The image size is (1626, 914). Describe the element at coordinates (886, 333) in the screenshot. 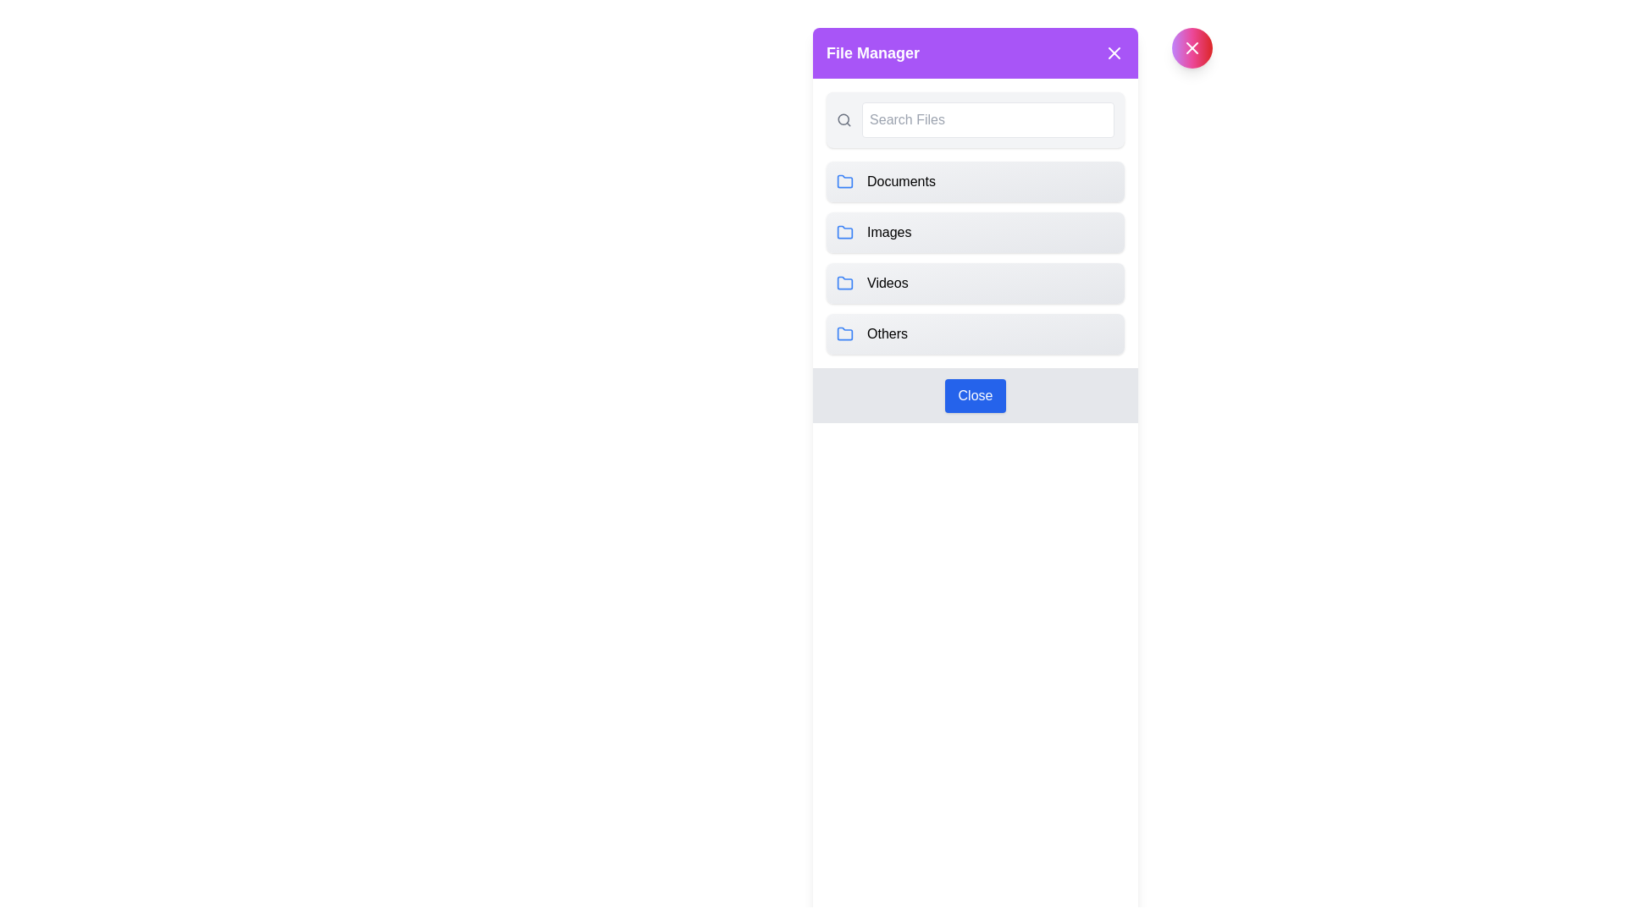

I see `the text label that identifies the category or folder named 'Others' in the File Manager interface, positioned next to a folder icon as the last item in the vertical list` at that location.